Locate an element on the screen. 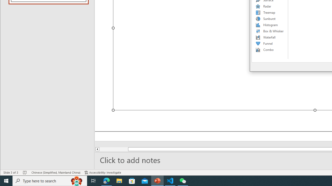 The width and height of the screenshot is (332, 186). 'PowerPoint - 1 running window' is located at coordinates (157, 180).